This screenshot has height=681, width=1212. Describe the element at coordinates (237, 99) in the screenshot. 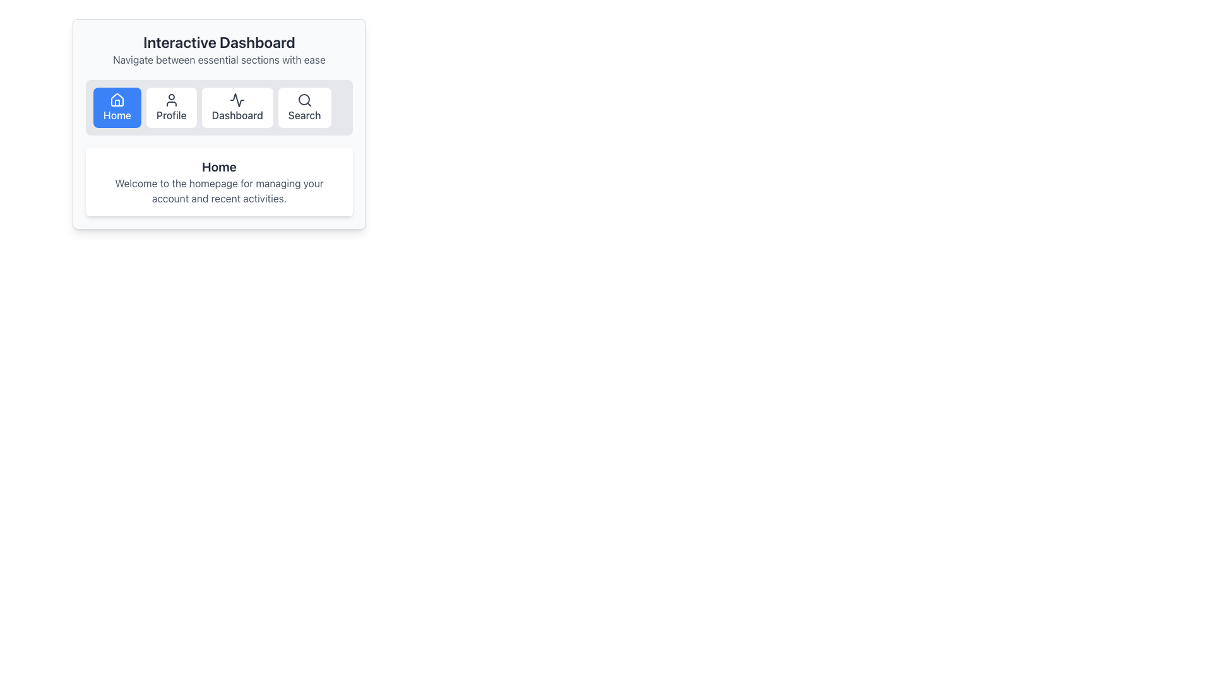

I see `the pulse wave icon within the Interactive Dashboard panel, which is the third button in a row of four icons` at that location.